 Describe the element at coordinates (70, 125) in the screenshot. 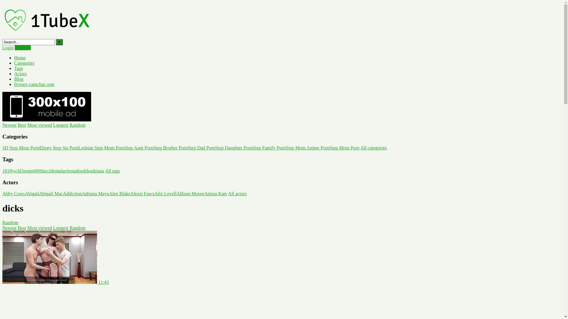

I see `'Random'` at that location.